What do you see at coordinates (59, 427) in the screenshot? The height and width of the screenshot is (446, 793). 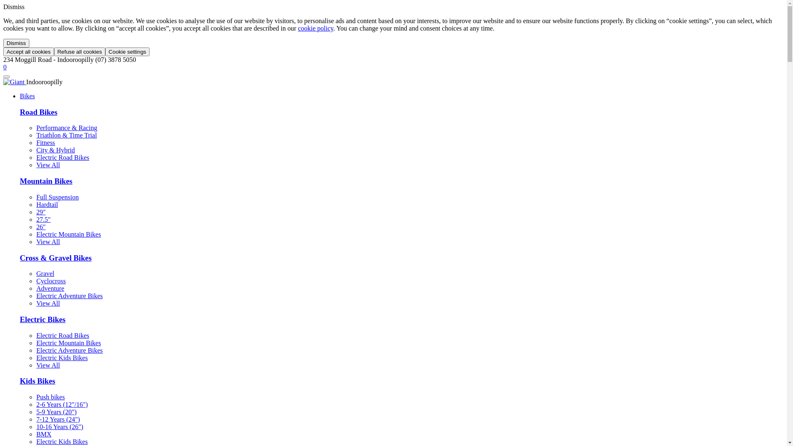 I see `'10-16 Years (26")'` at bounding box center [59, 427].